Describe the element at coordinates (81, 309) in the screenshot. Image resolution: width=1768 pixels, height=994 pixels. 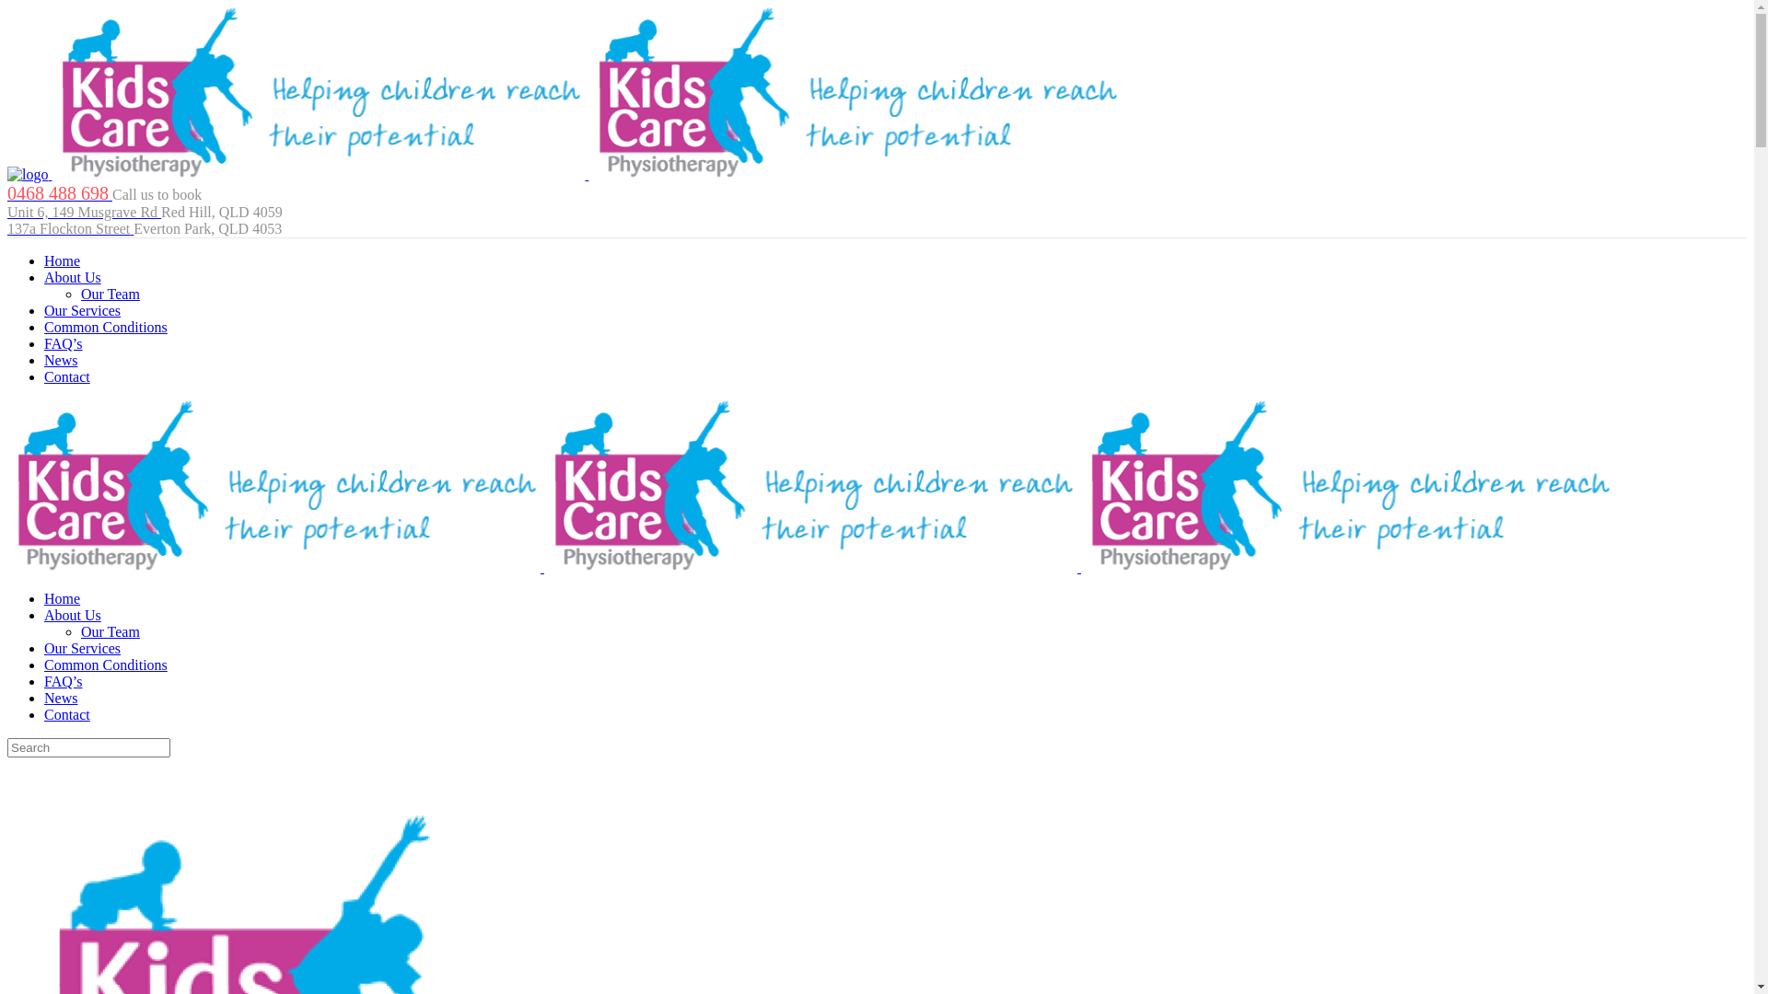
I see `'Our Services'` at that location.